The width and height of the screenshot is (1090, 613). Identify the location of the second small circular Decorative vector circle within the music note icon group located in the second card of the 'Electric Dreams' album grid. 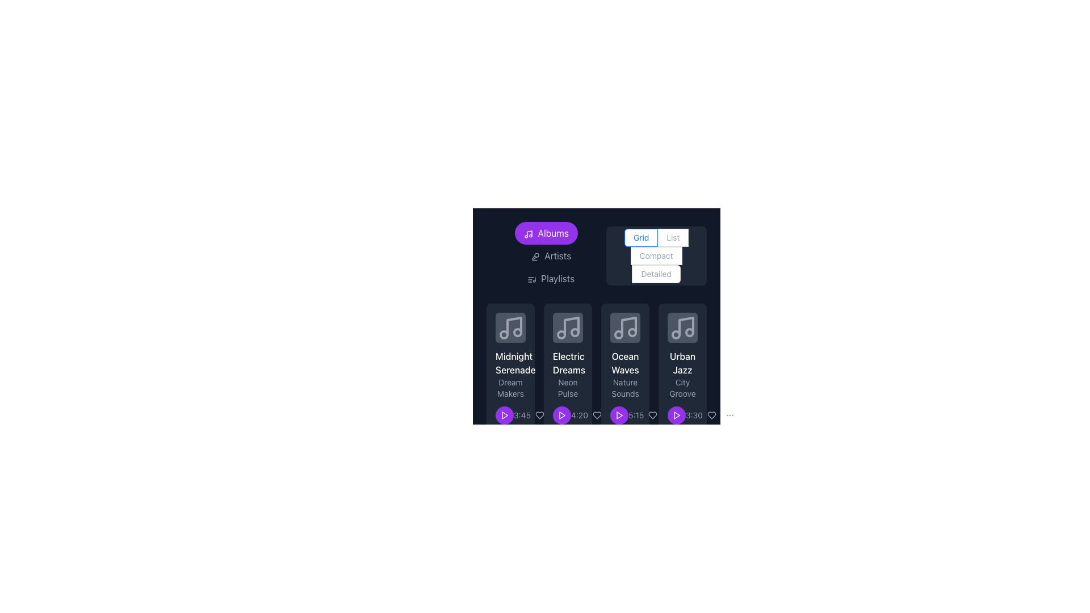
(575, 332).